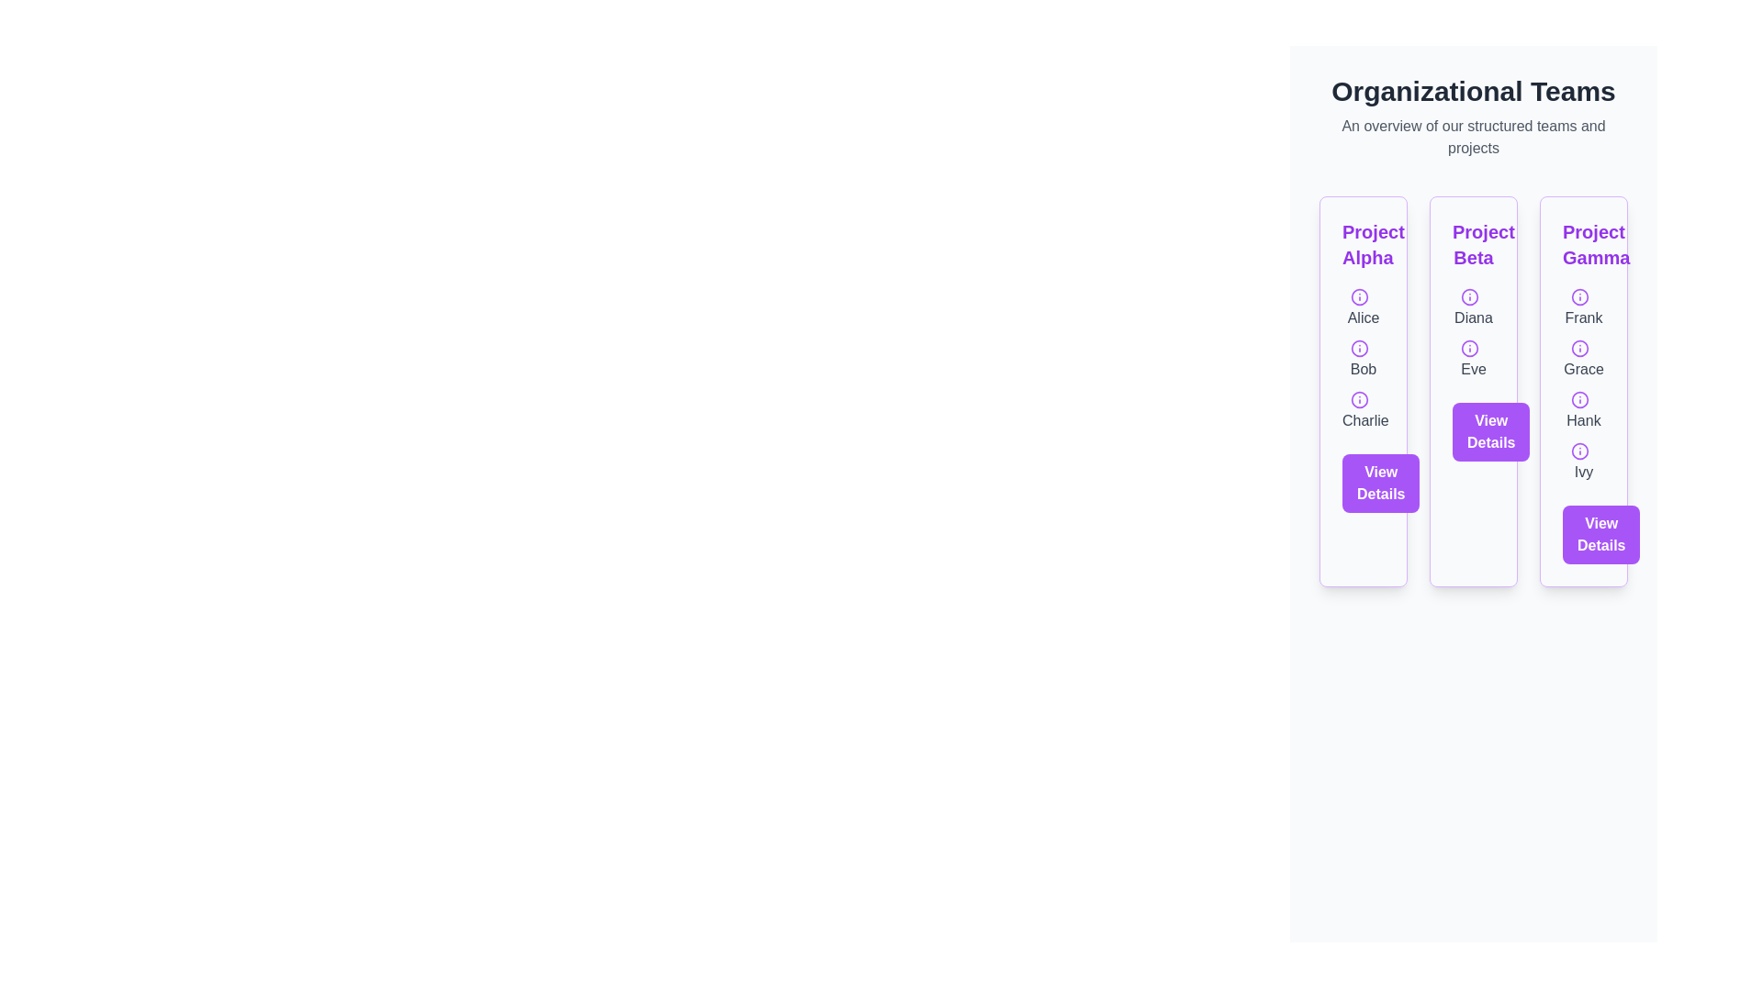 Image resolution: width=1763 pixels, height=991 pixels. Describe the element at coordinates (1470, 347) in the screenshot. I see `the informational icon located in the middle column labeled 'Project Beta', near the name 'Eve', which is the second circular icon from the top` at that location.